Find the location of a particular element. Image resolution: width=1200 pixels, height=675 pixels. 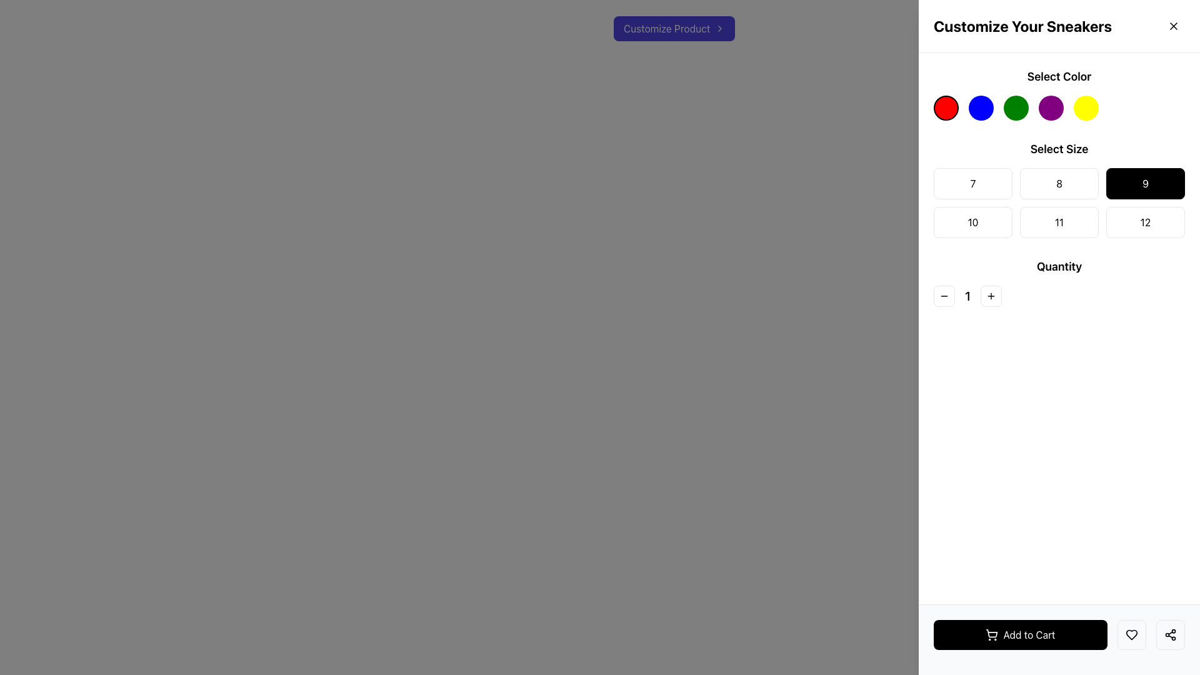

the color swatch in the color swatch selector located beneath the 'Select Color' label is located at coordinates (1058, 93).